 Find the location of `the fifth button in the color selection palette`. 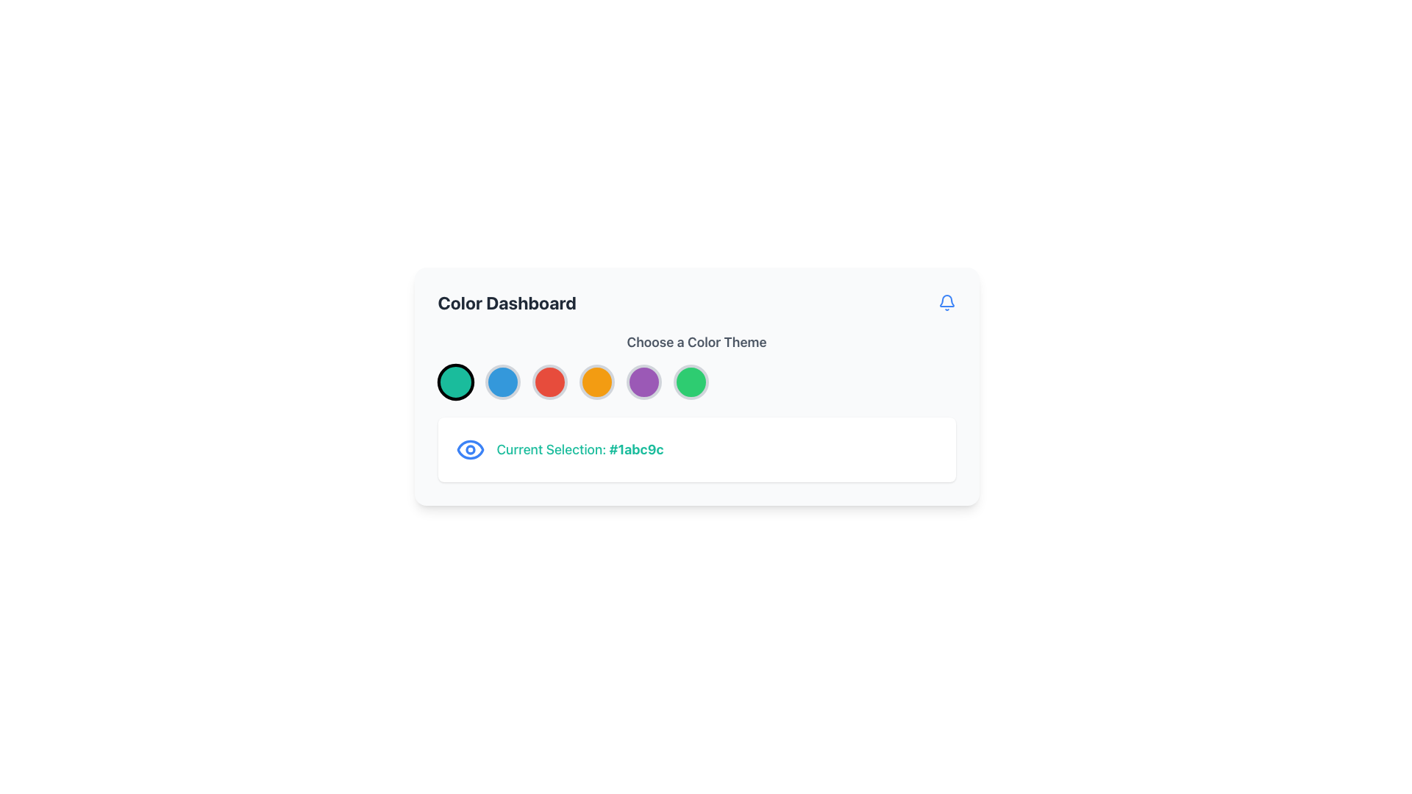

the fifth button in the color selection palette is located at coordinates (643, 382).